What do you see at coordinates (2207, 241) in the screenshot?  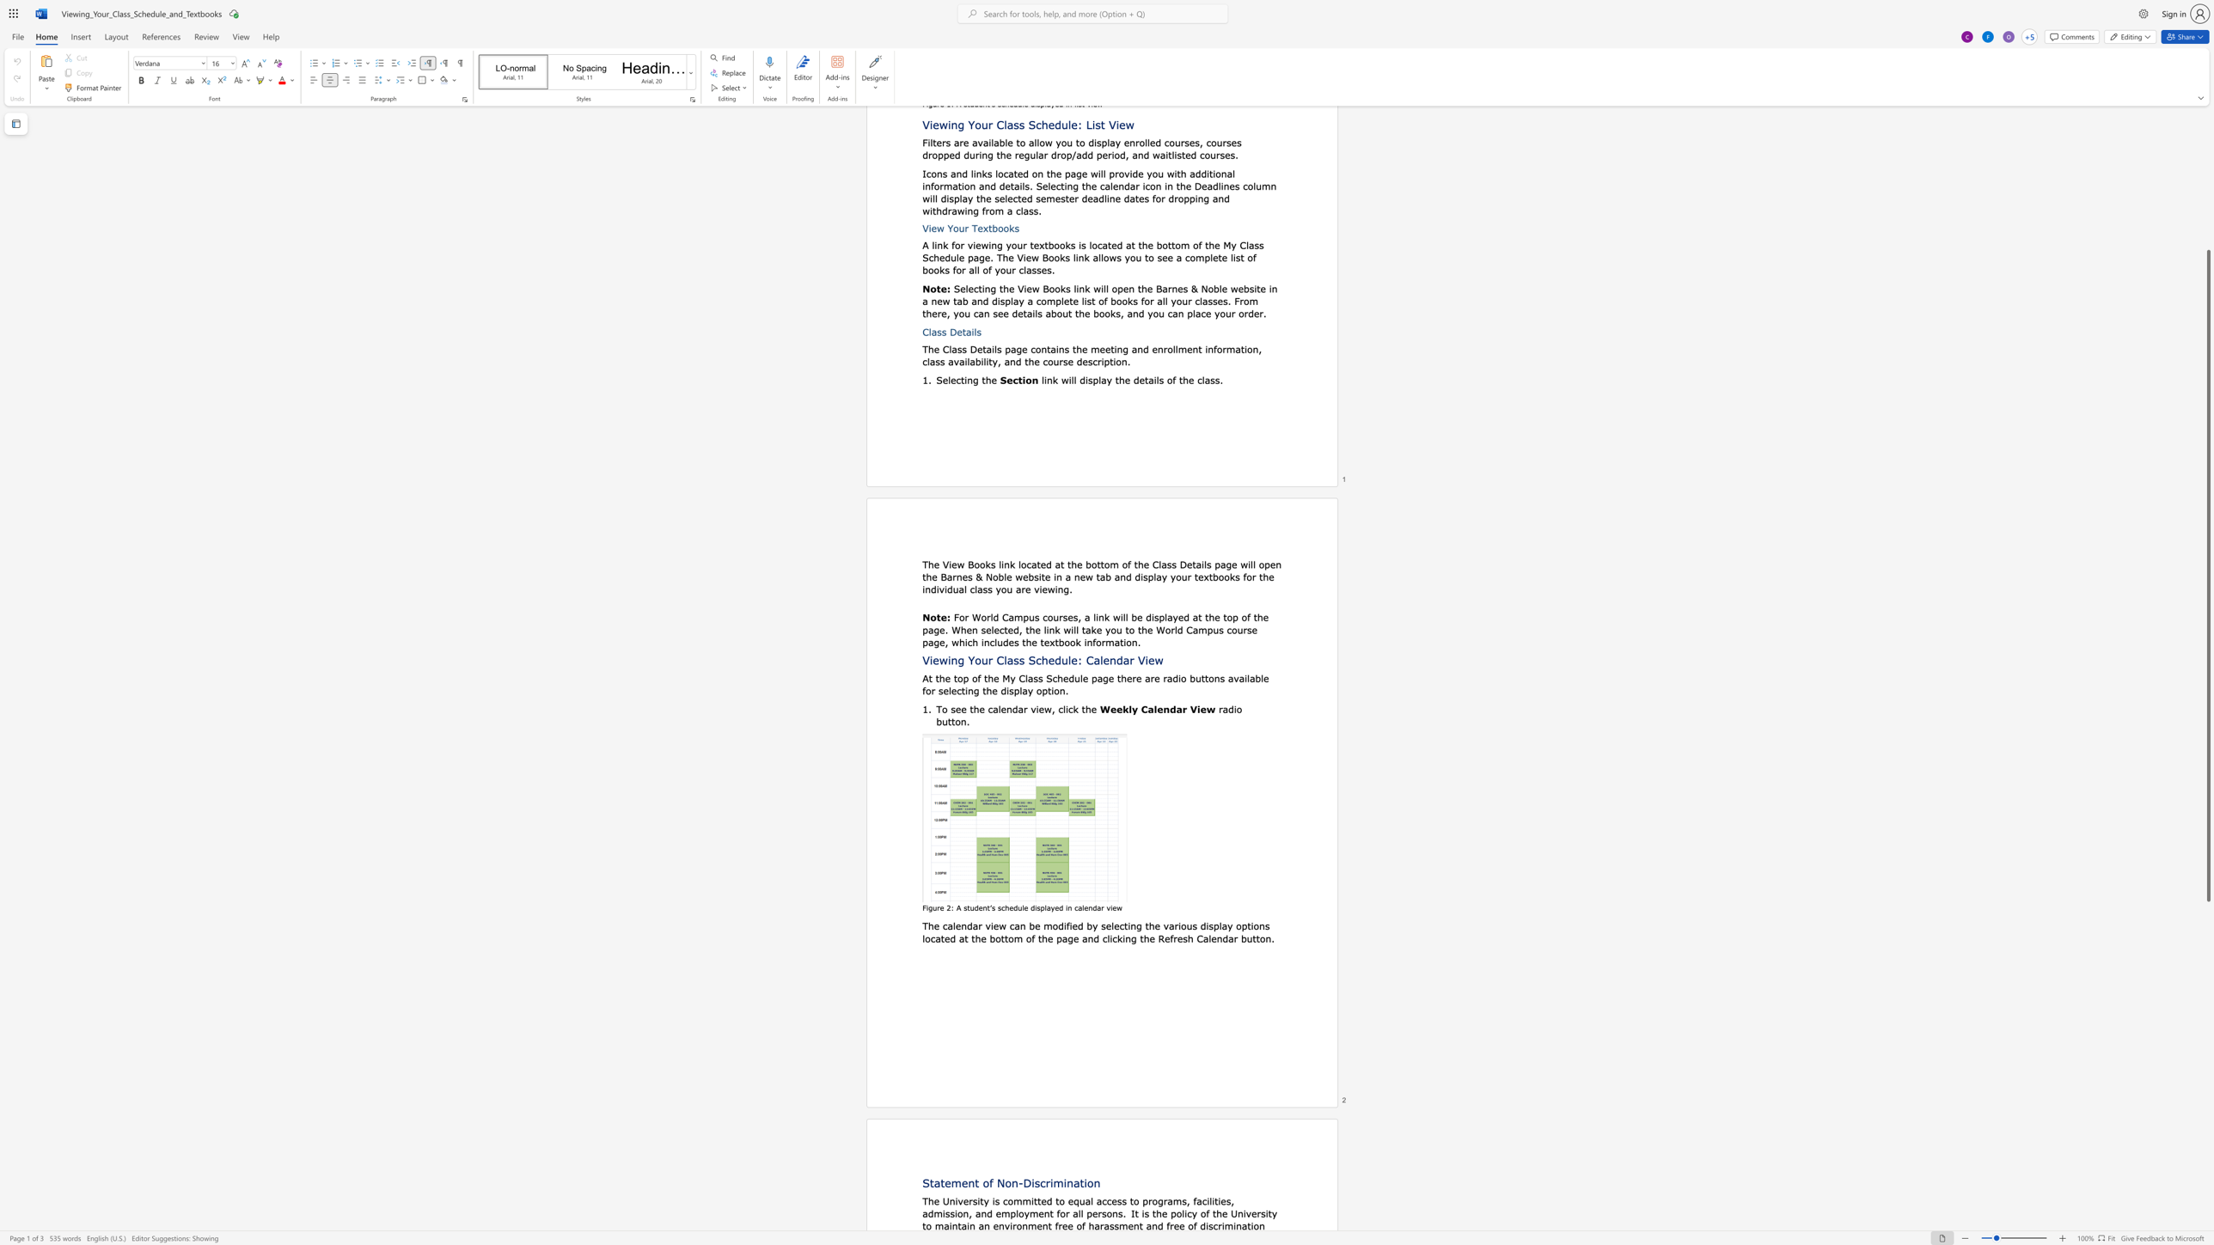 I see `the scrollbar to move the page up` at bounding box center [2207, 241].